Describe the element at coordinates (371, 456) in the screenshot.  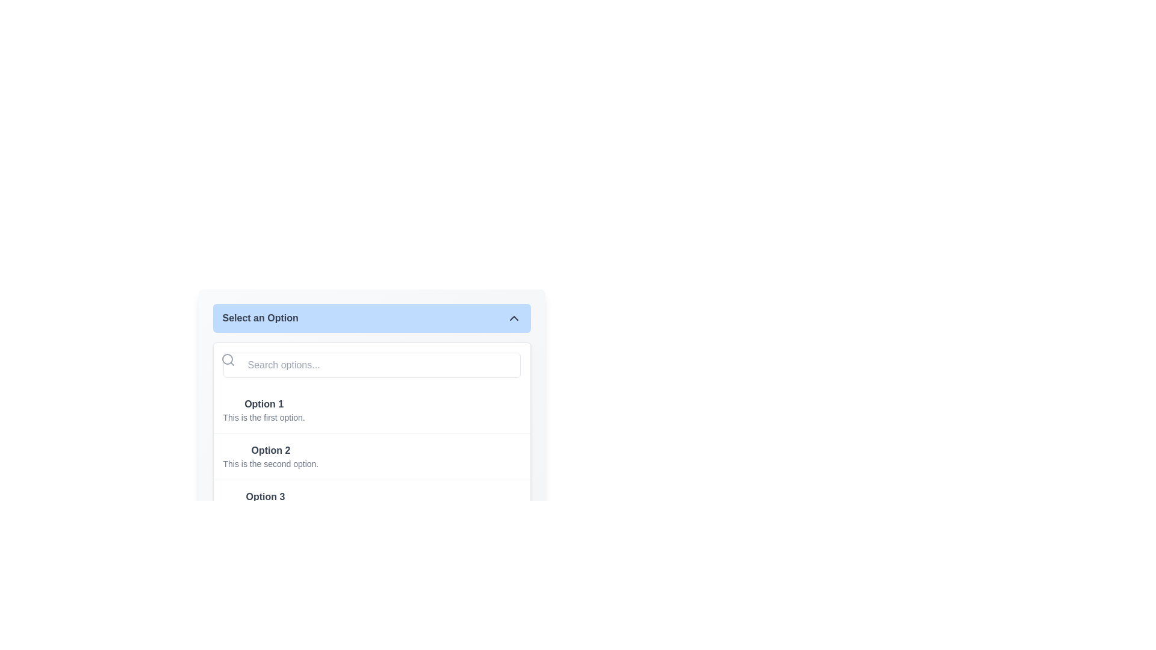
I see `the second list item in the dropdown, labeled 'Option 2'` at that location.